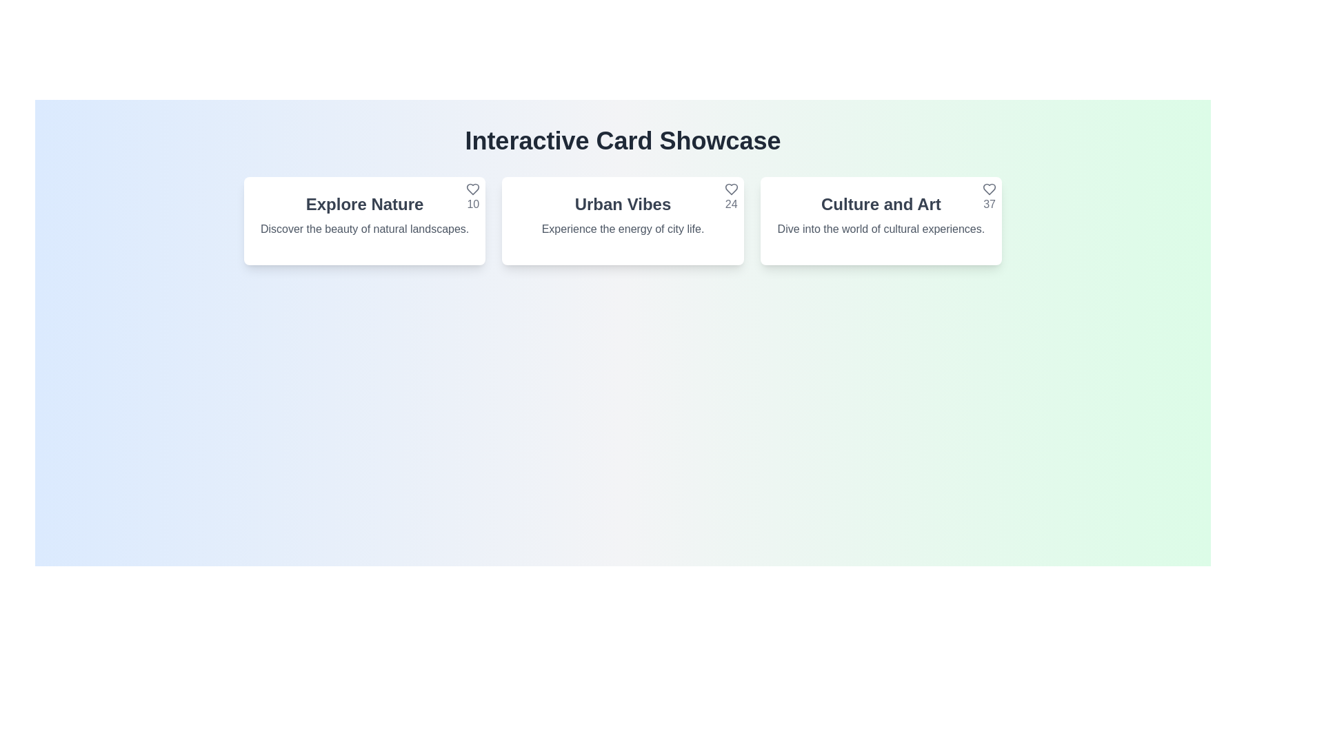 This screenshot has width=1324, height=744. I want to click on the 'like' or 'favorites' count element located in the top-right corner of the 'Culture and Art' card, so click(989, 197).